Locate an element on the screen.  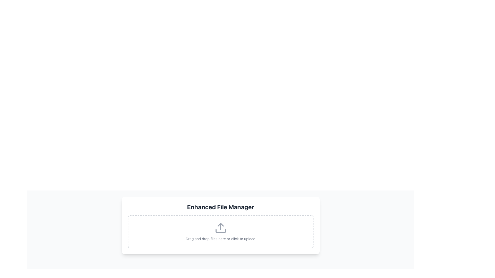
and drop files onto the interactive dropzone for file uploads, which is a rectangular area with a dashed border and rounded corners, containing an upward arrow icon and the text 'Drag and drop files here or click is located at coordinates (220, 231).